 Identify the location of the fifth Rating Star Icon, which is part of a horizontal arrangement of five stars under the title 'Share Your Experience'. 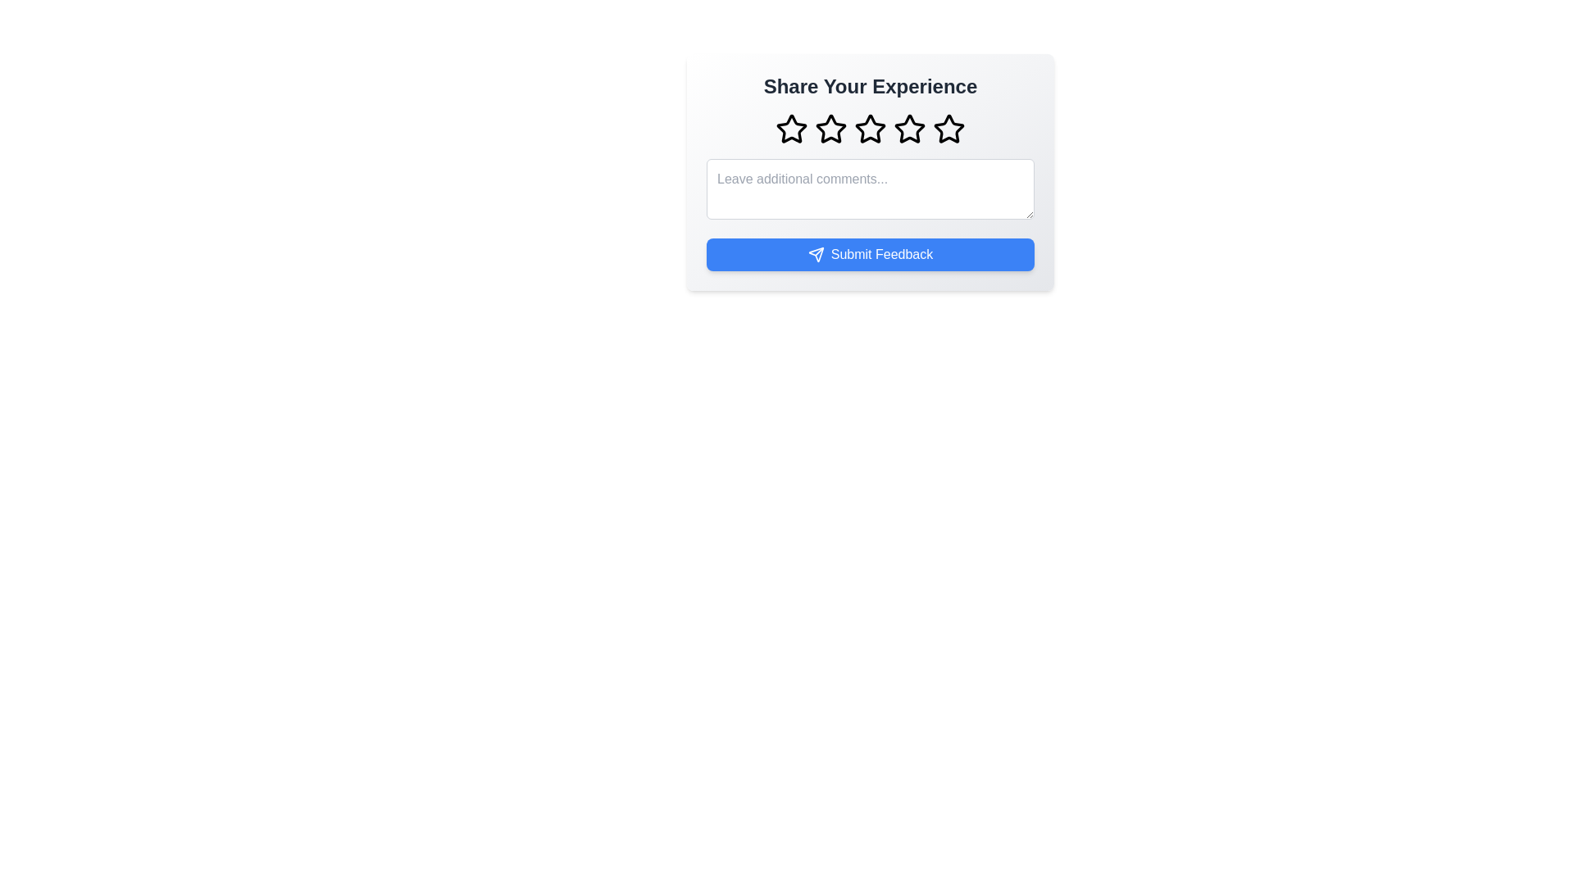
(948, 128).